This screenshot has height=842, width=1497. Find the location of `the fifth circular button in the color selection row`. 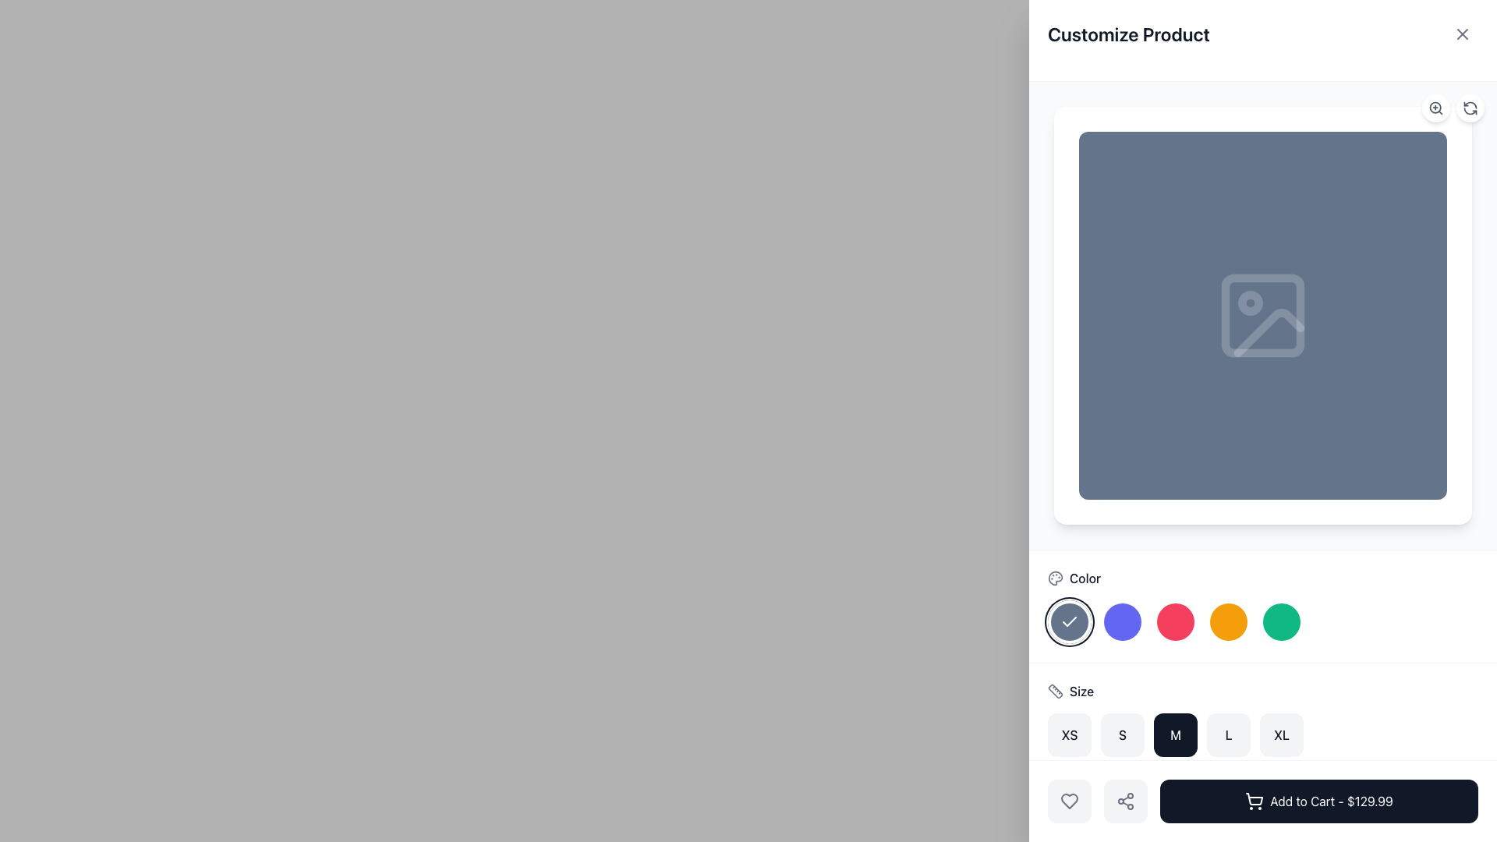

the fifth circular button in the color selection row is located at coordinates (1281, 621).